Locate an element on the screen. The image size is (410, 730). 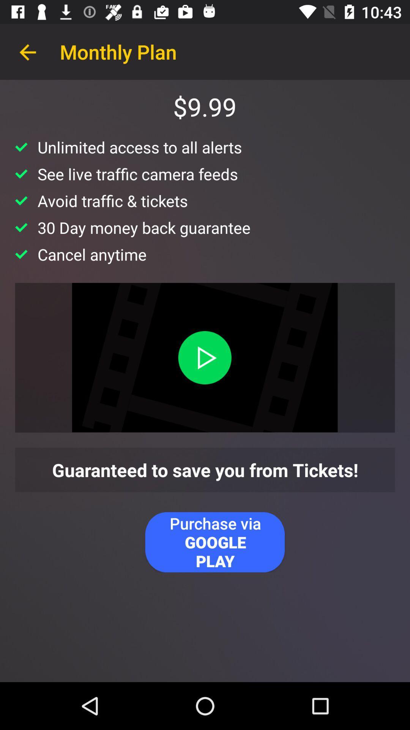
app to the left of the monthly plan app is located at coordinates (27, 51).